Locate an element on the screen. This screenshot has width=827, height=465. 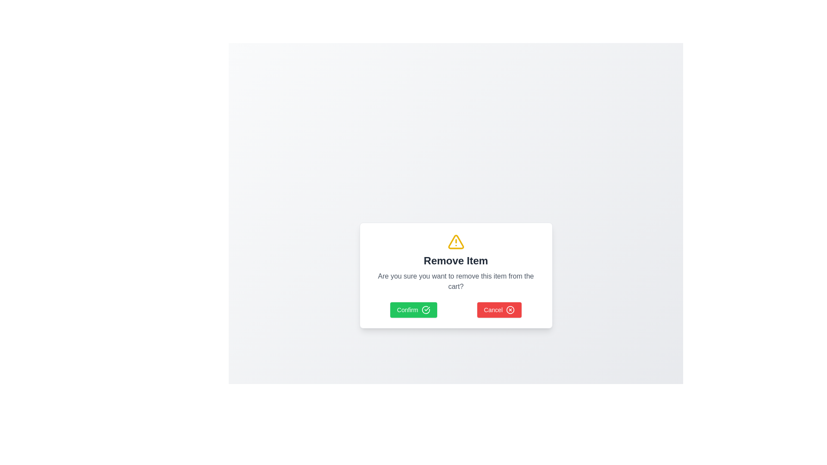
displayed message from the modal dialog that prompts for confirmation to remove an item from the cart is located at coordinates (455, 276).